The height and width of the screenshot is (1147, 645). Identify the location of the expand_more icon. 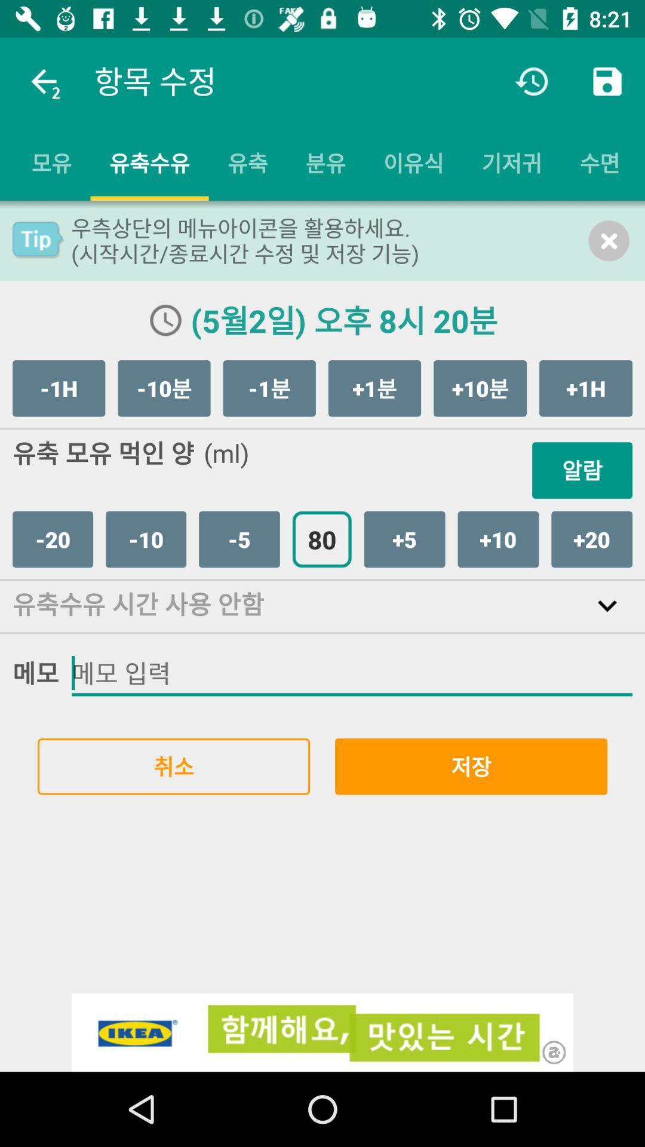
(607, 605).